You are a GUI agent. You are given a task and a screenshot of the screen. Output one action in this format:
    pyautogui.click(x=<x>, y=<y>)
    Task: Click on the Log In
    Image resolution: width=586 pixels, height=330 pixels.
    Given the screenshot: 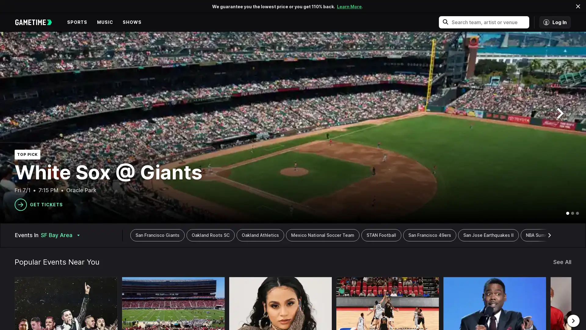 What is the action you would take?
    pyautogui.click(x=555, y=22)
    